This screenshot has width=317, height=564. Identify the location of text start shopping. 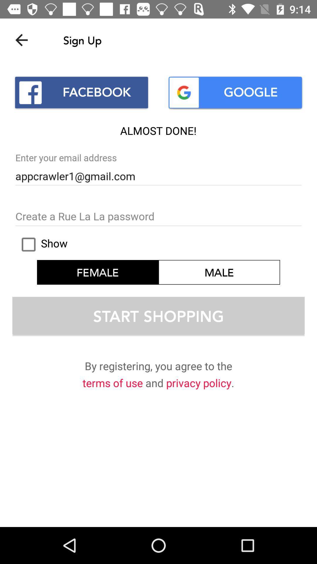
(158, 315).